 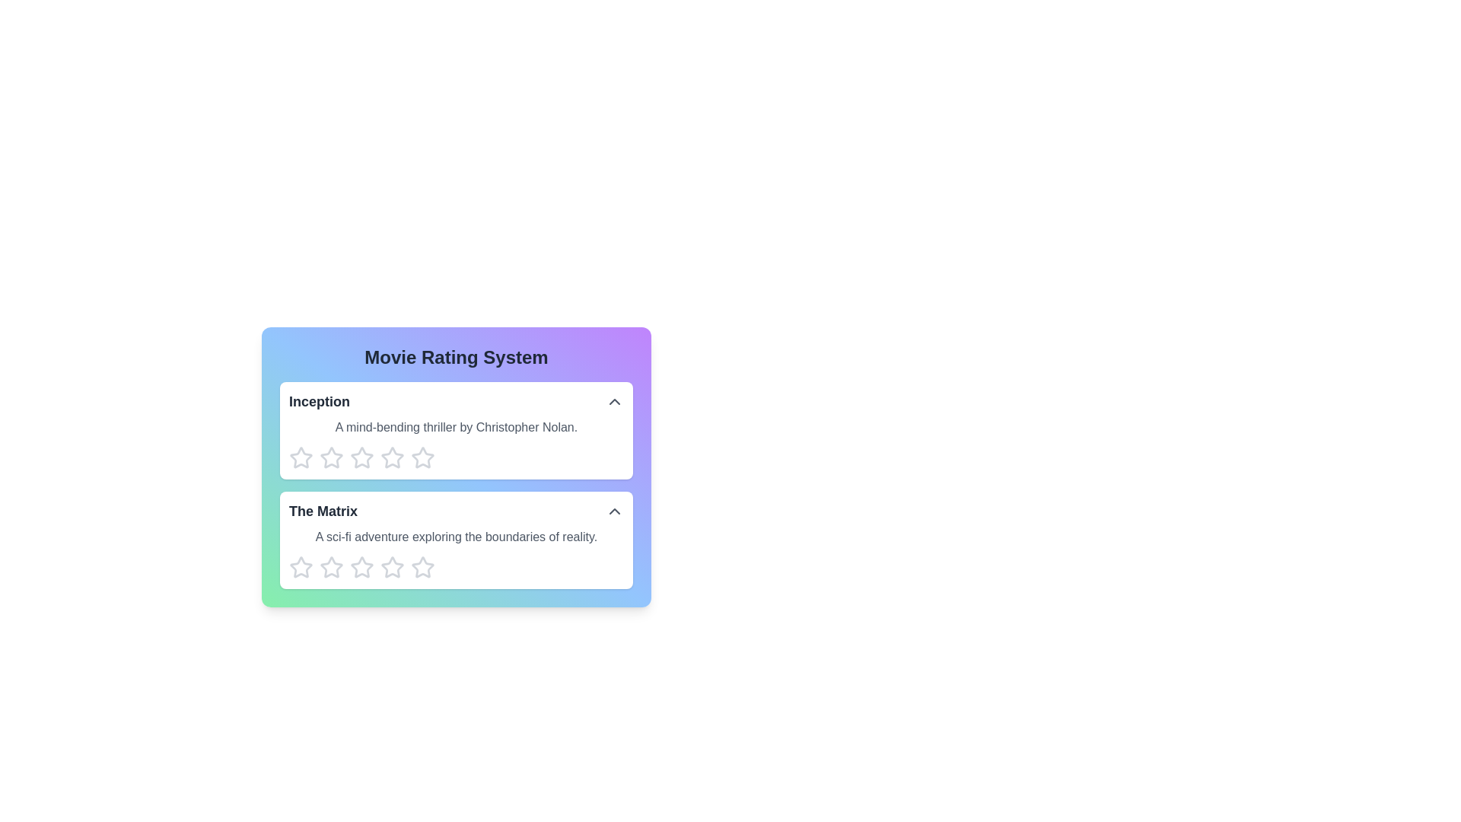 I want to click on the third star from the left in the first row of the star rating section for the movie 'Inception', so click(x=331, y=457).